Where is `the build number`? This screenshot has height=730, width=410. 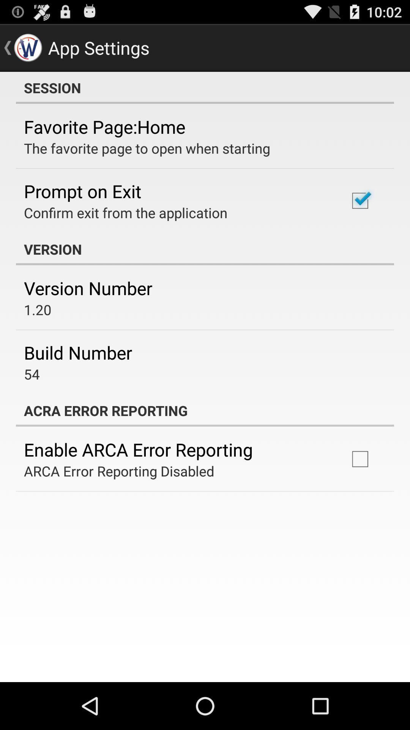
the build number is located at coordinates (78, 352).